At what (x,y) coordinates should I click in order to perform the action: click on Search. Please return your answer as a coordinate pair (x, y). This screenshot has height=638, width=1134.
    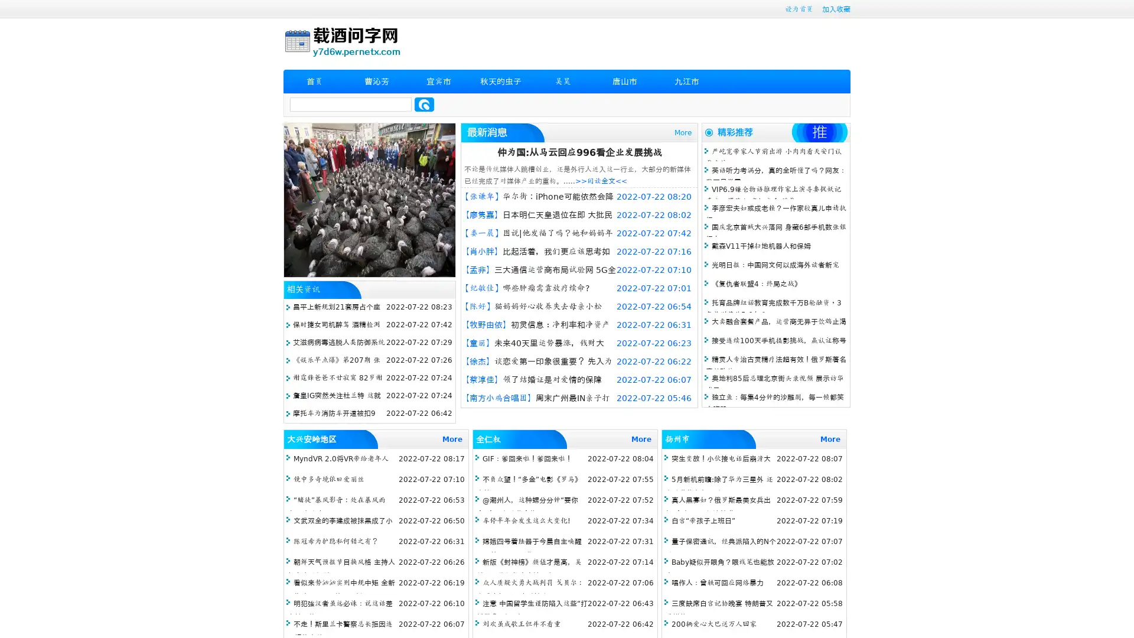
    Looking at the image, I should click on (424, 104).